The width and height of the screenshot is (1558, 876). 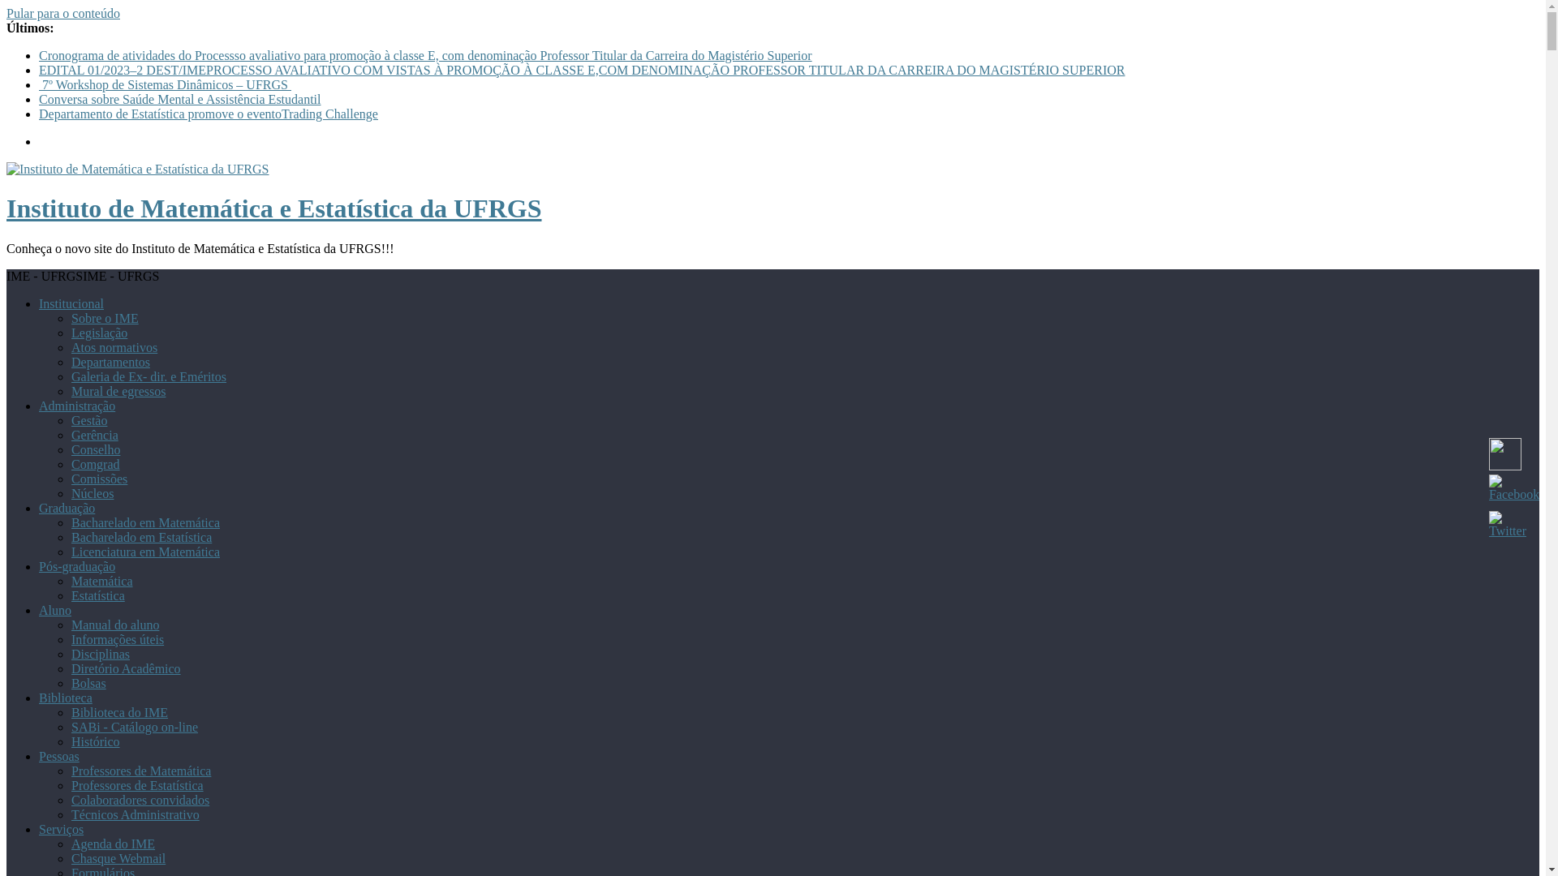 I want to click on 'Sobre o IME', so click(x=104, y=318).